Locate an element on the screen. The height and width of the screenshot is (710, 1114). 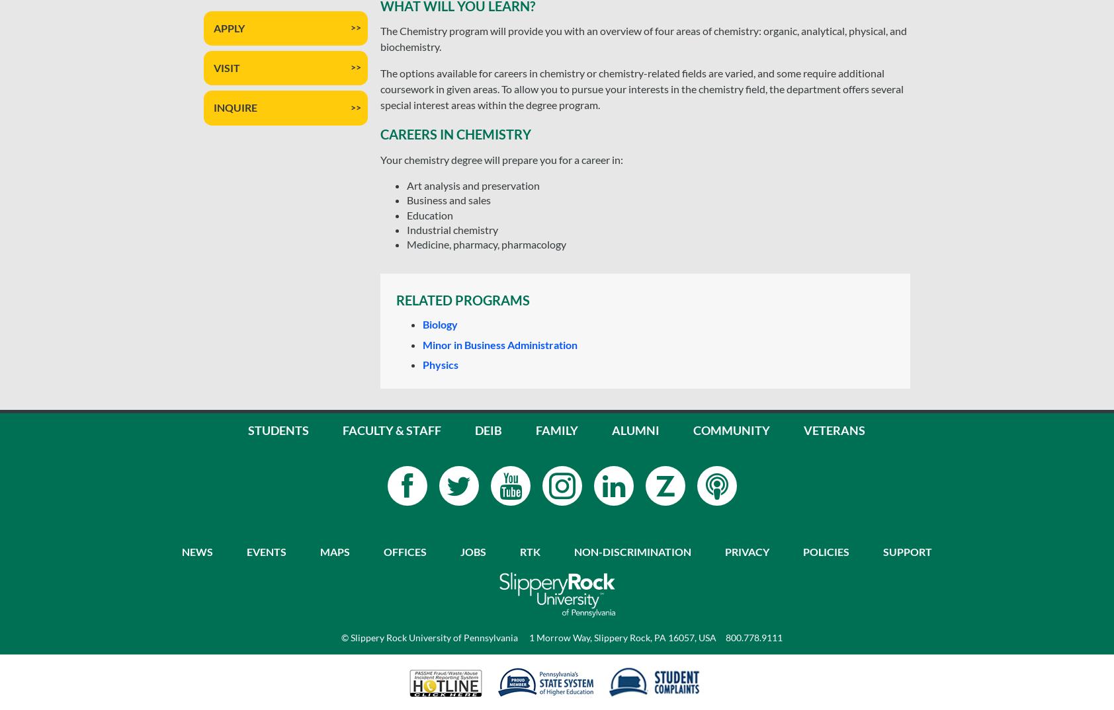
'RTK' is located at coordinates (529, 551).